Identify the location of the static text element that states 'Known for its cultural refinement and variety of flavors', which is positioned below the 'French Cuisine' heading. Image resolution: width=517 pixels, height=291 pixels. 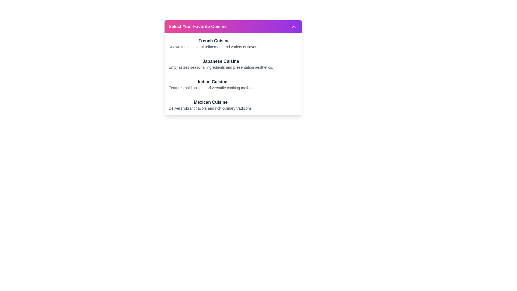
(214, 46).